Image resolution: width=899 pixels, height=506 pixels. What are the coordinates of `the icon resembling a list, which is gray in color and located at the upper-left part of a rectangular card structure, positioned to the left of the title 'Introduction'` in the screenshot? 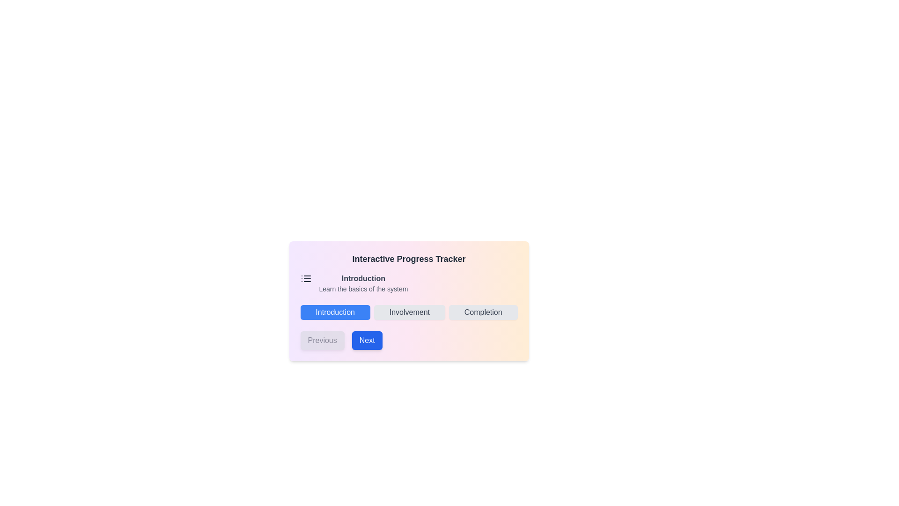 It's located at (306, 278).